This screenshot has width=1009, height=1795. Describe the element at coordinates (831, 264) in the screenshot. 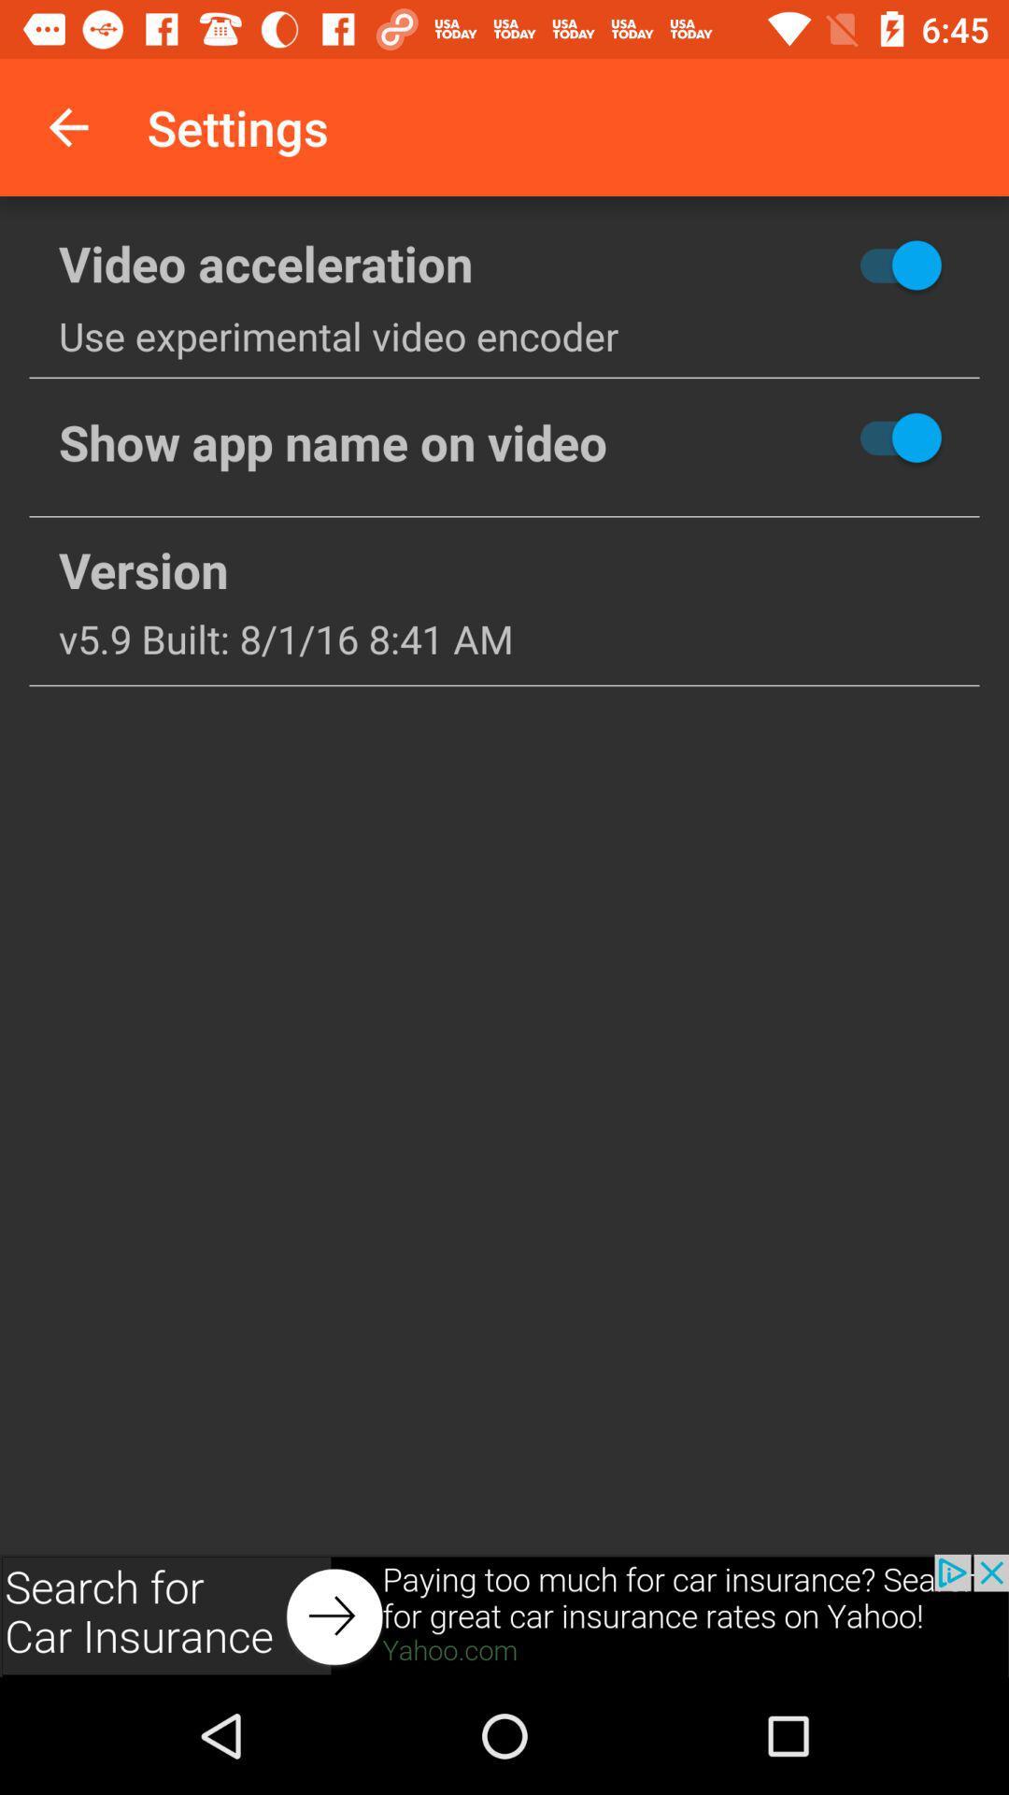

I see `hide button` at that location.